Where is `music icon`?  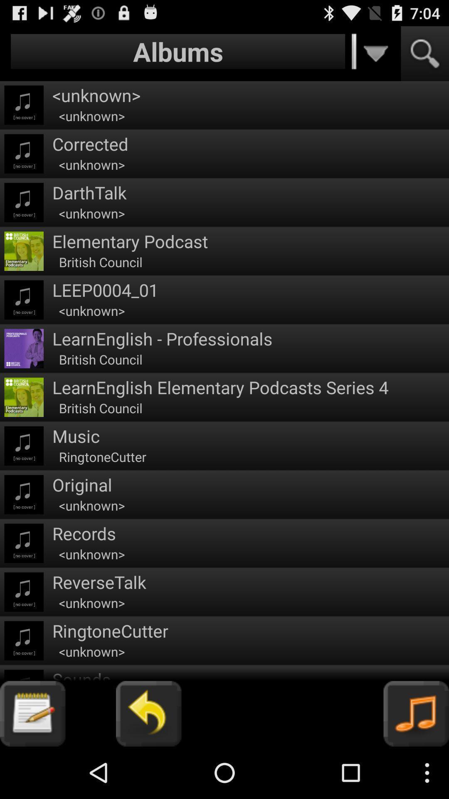 music icon is located at coordinates (416, 713).